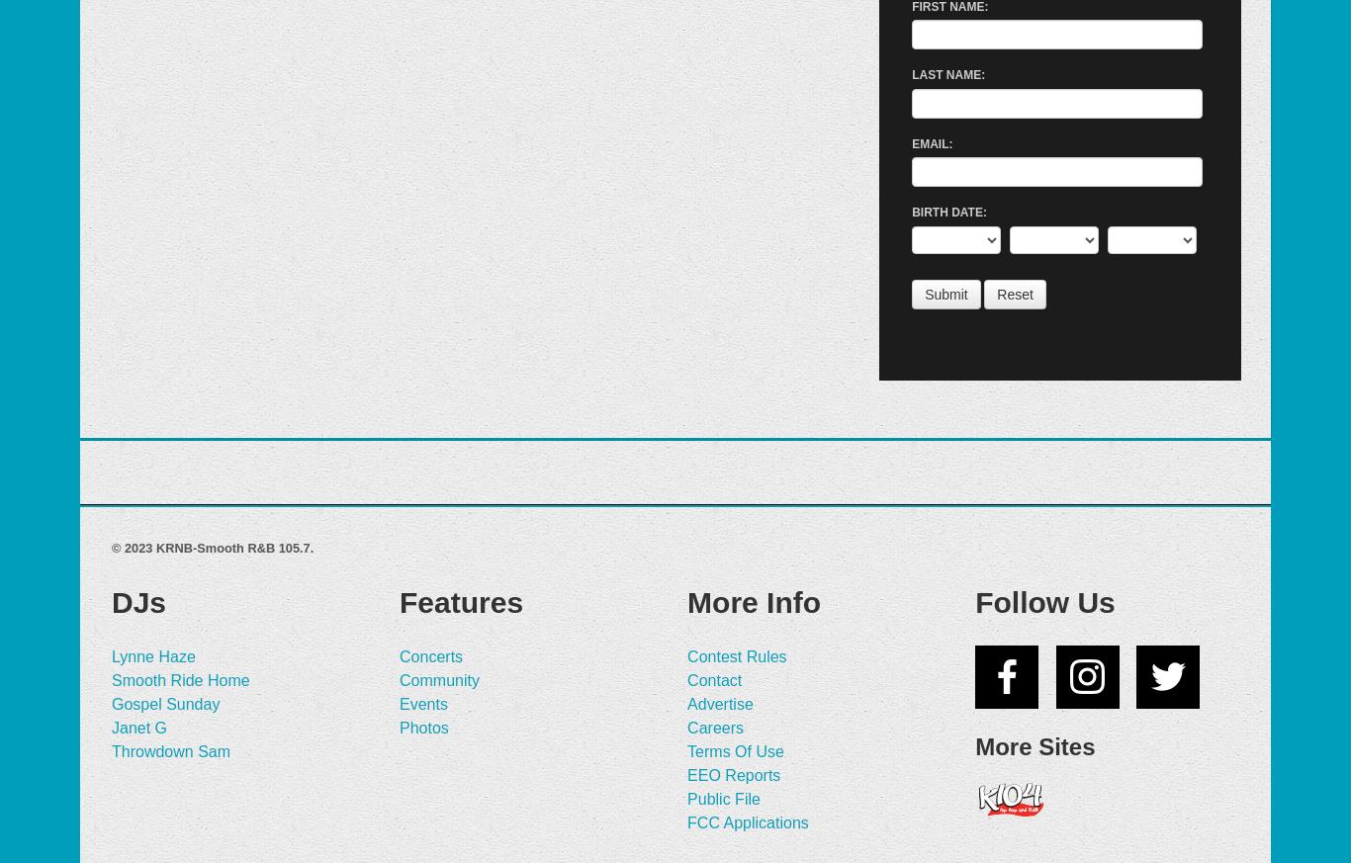  I want to click on 'Birth Date:', so click(948, 212).